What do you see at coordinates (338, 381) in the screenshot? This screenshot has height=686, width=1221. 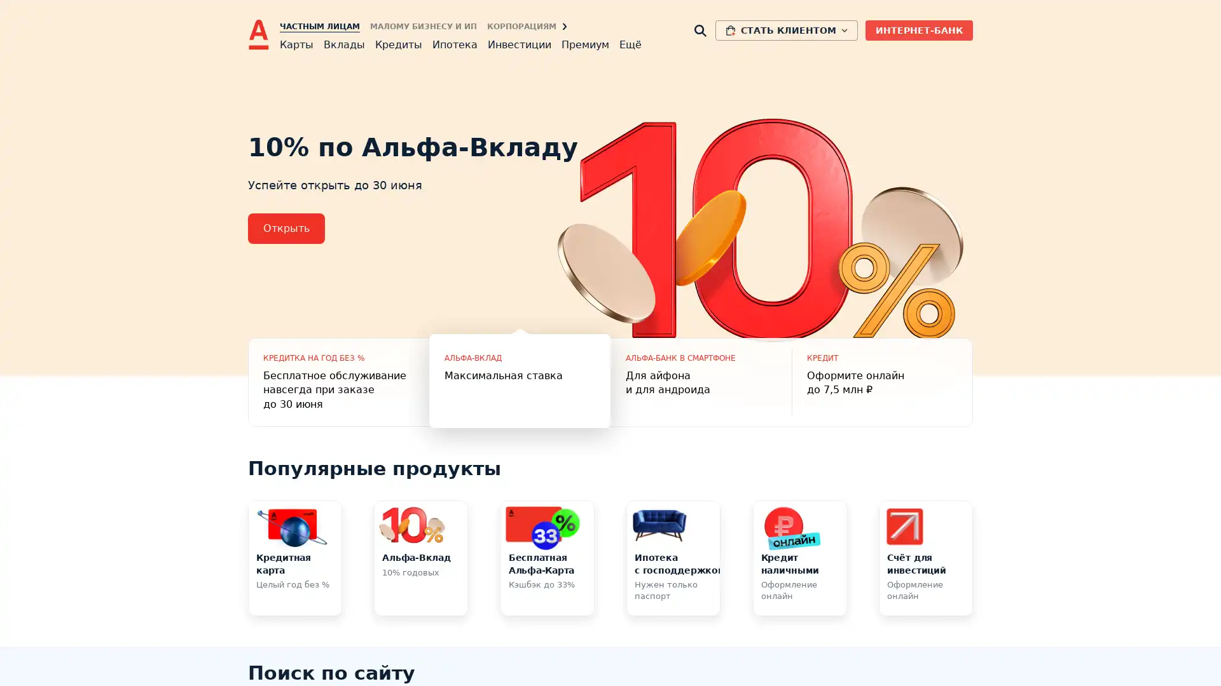 I see `%       30` at bounding box center [338, 381].